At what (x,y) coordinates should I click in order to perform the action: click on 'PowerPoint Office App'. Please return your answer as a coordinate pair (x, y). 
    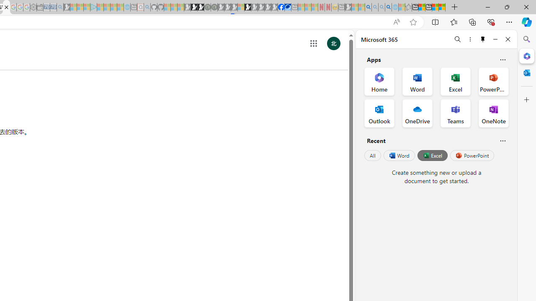
    Looking at the image, I should click on (493, 82).